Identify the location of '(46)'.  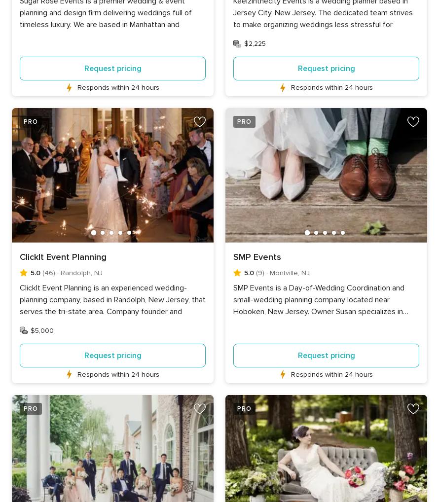
(47, 272).